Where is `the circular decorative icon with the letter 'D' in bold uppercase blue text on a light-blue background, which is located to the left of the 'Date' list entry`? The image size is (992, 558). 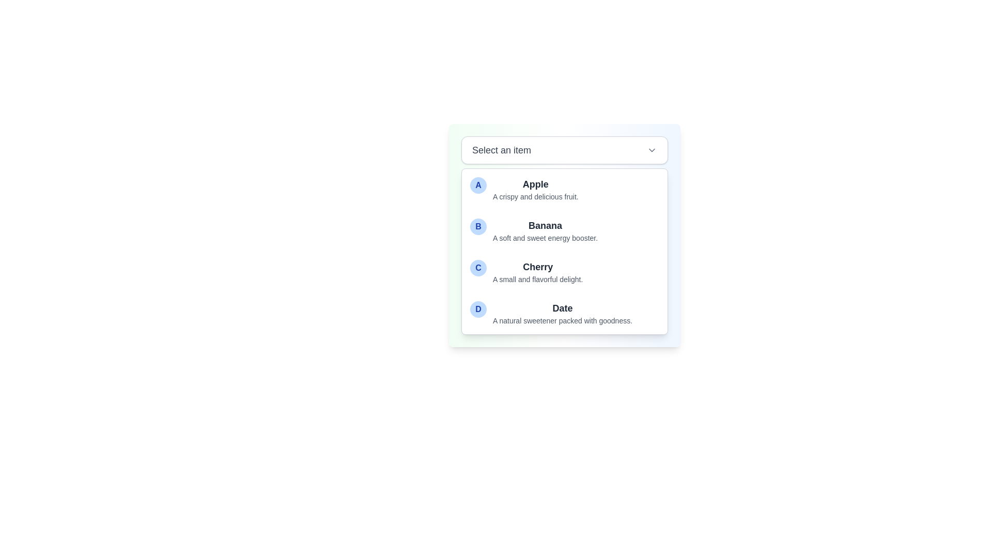 the circular decorative icon with the letter 'D' in bold uppercase blue text on a light-blue background, which is located to the left of the 'Date' list entry is located at coordinates (478, 308).